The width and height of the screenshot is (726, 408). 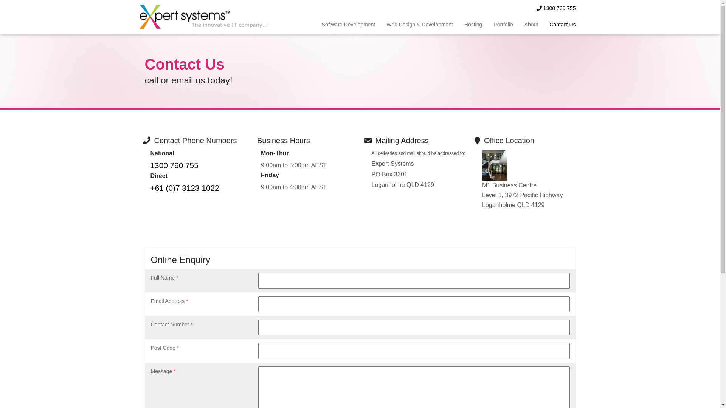 What do you see at coordinates (503, 24) in the screenshot?
I see `'Portfolio'` at bounding box center [503, 24].